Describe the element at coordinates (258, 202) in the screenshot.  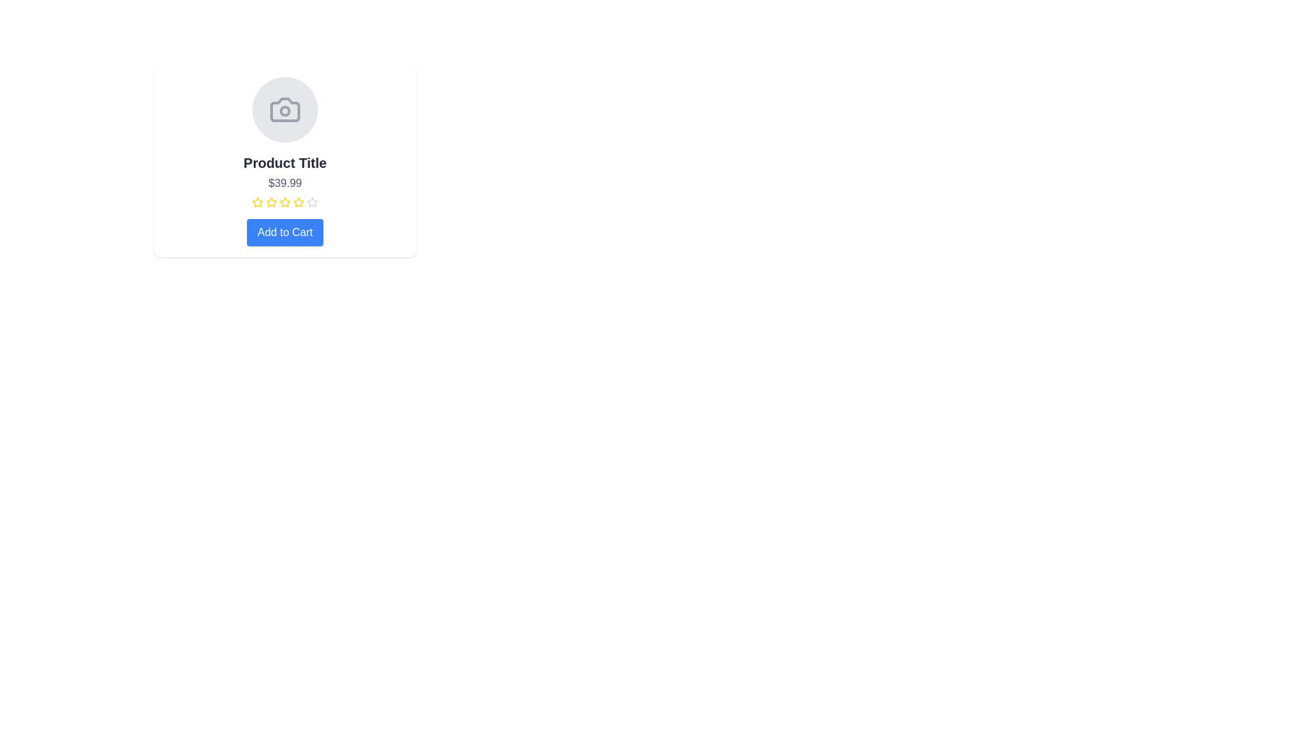
I see `the second yellow star icon in the rating system, located below the product title and price, and above the 'Add to Cart' button` at that location.